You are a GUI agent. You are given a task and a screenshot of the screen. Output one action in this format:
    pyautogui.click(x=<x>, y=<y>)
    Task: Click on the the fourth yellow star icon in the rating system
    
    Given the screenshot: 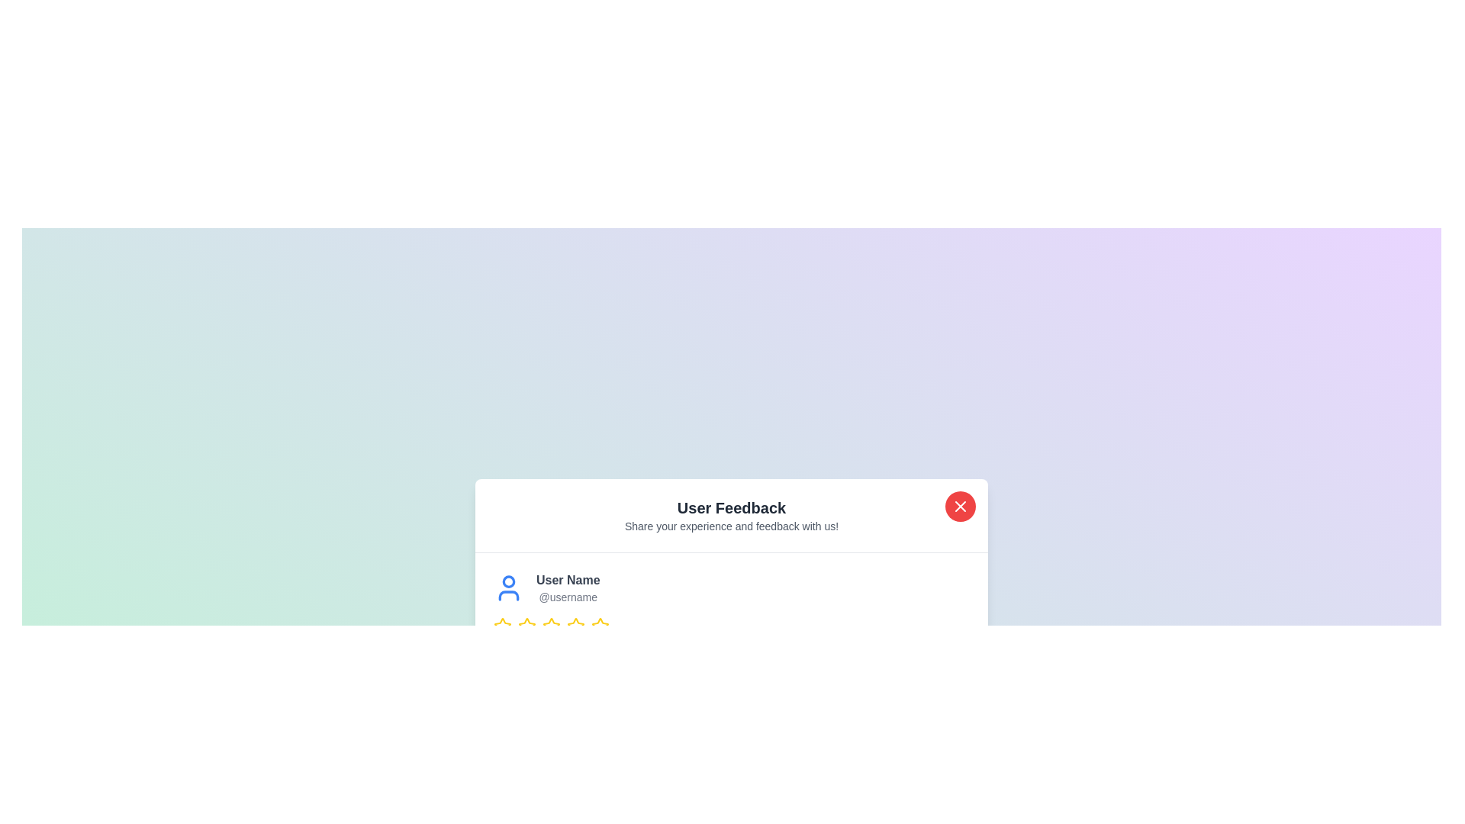 What is the action you would take?
    pyautogui.click(x=575, y=626)
    